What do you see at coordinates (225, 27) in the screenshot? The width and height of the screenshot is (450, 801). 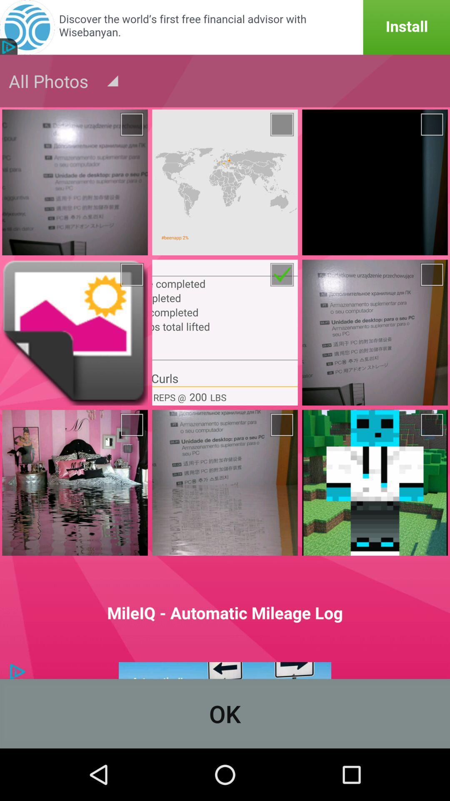 I see `advertisement link` at bounding box center [225, 27].